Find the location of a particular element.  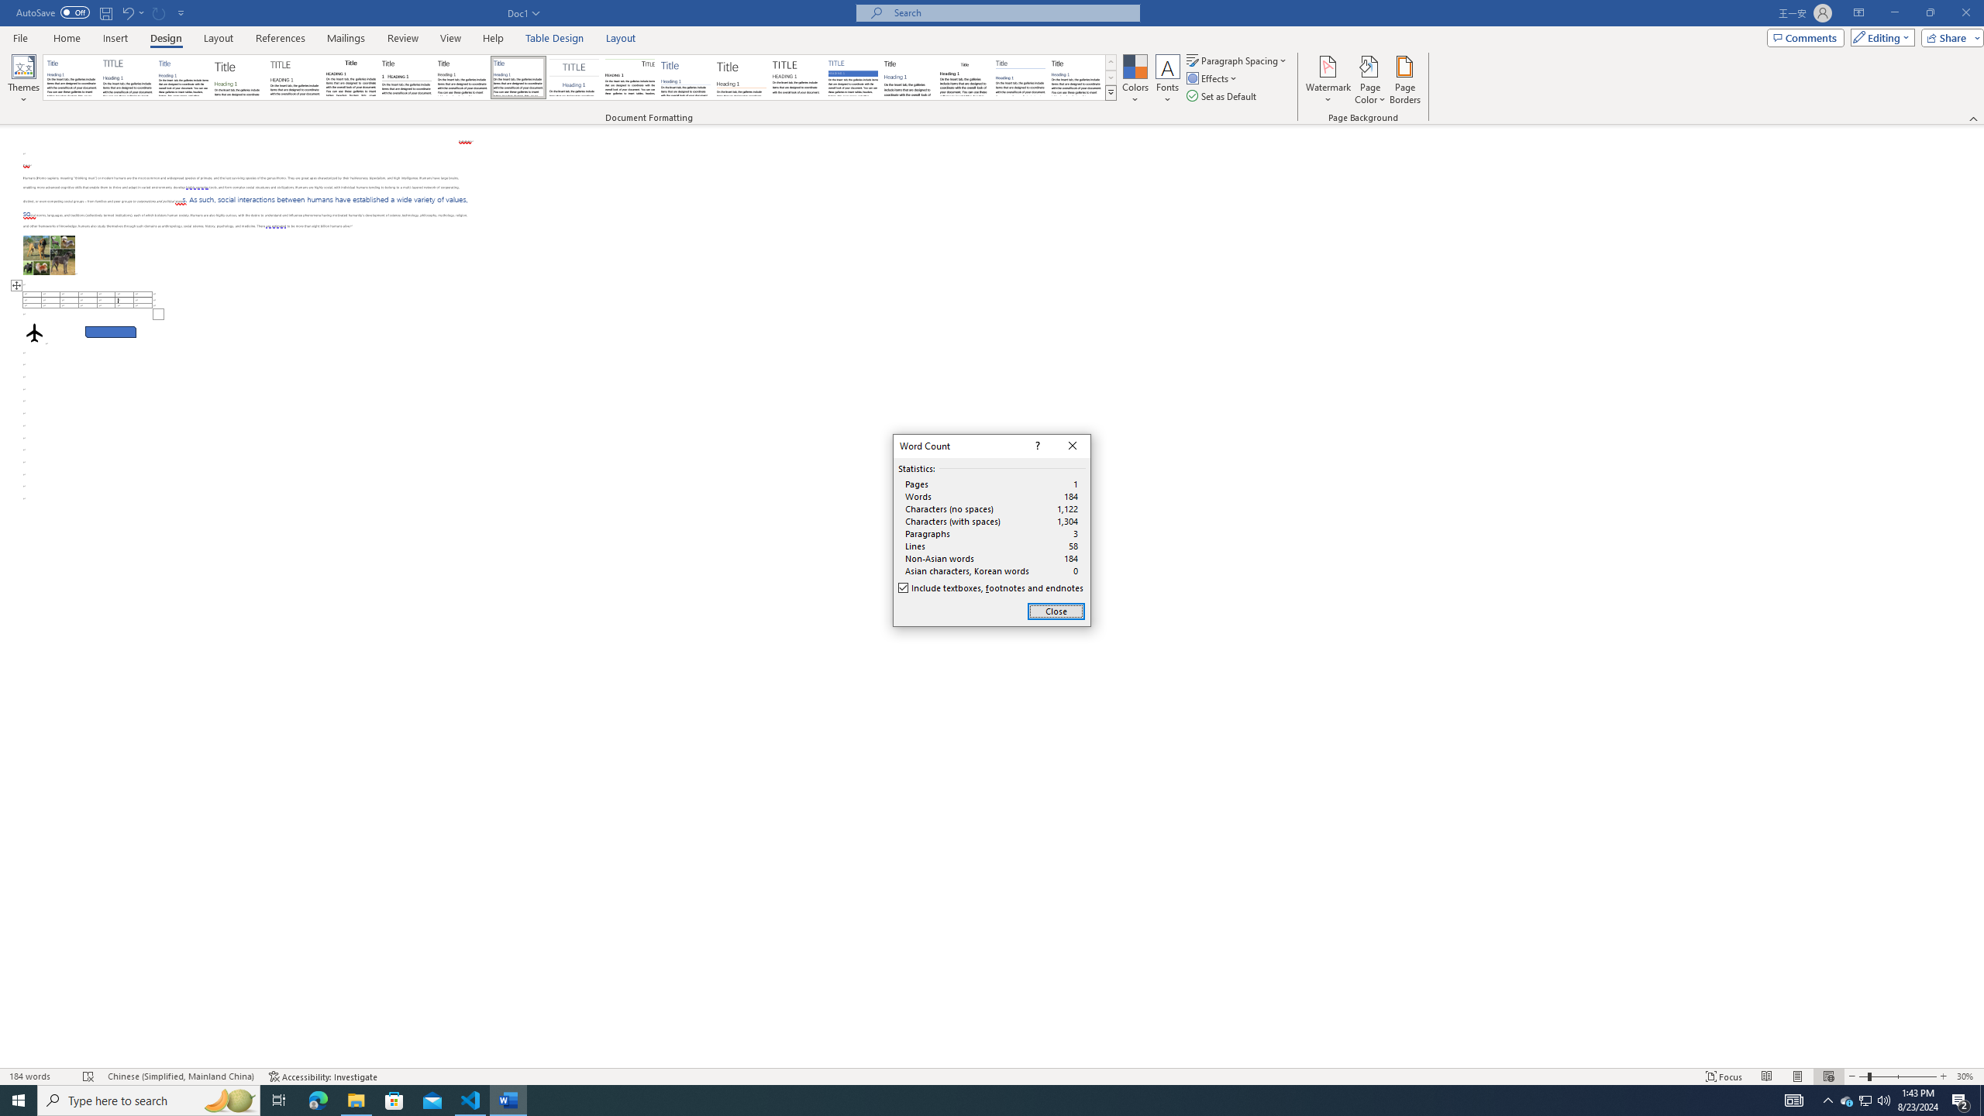

'Can' is located at coordinates (159, 12).